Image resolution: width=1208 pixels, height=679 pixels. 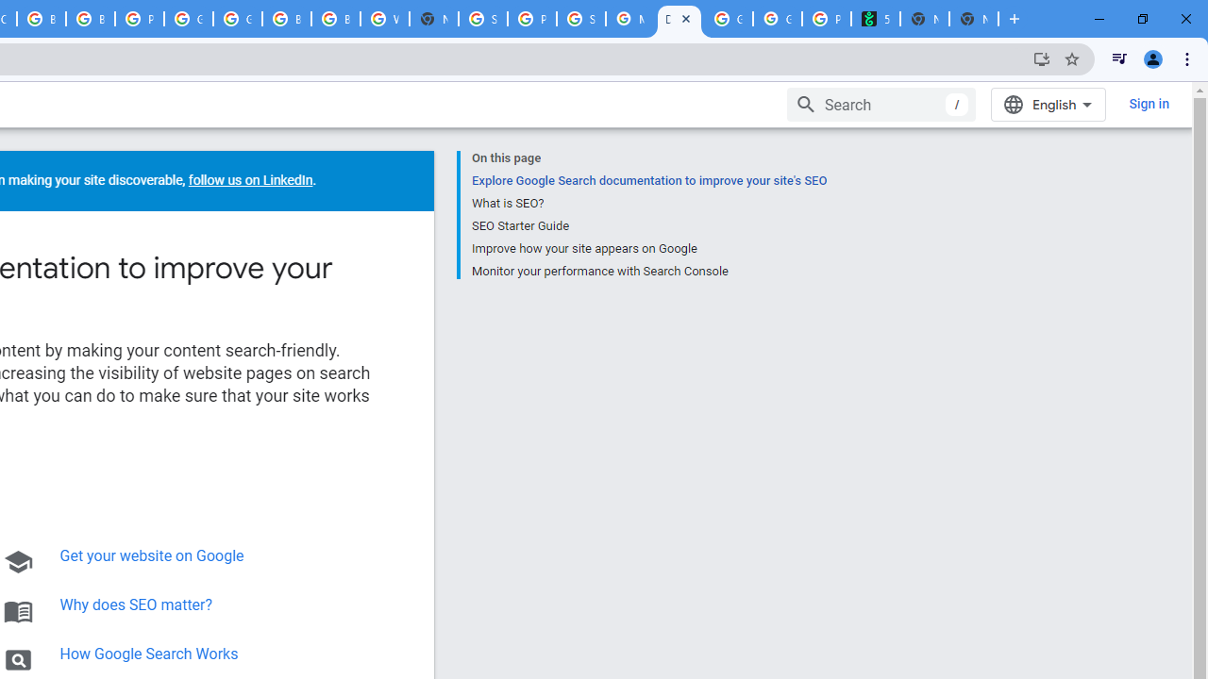 I want to click on 'English', so click(x=1048, y=104).